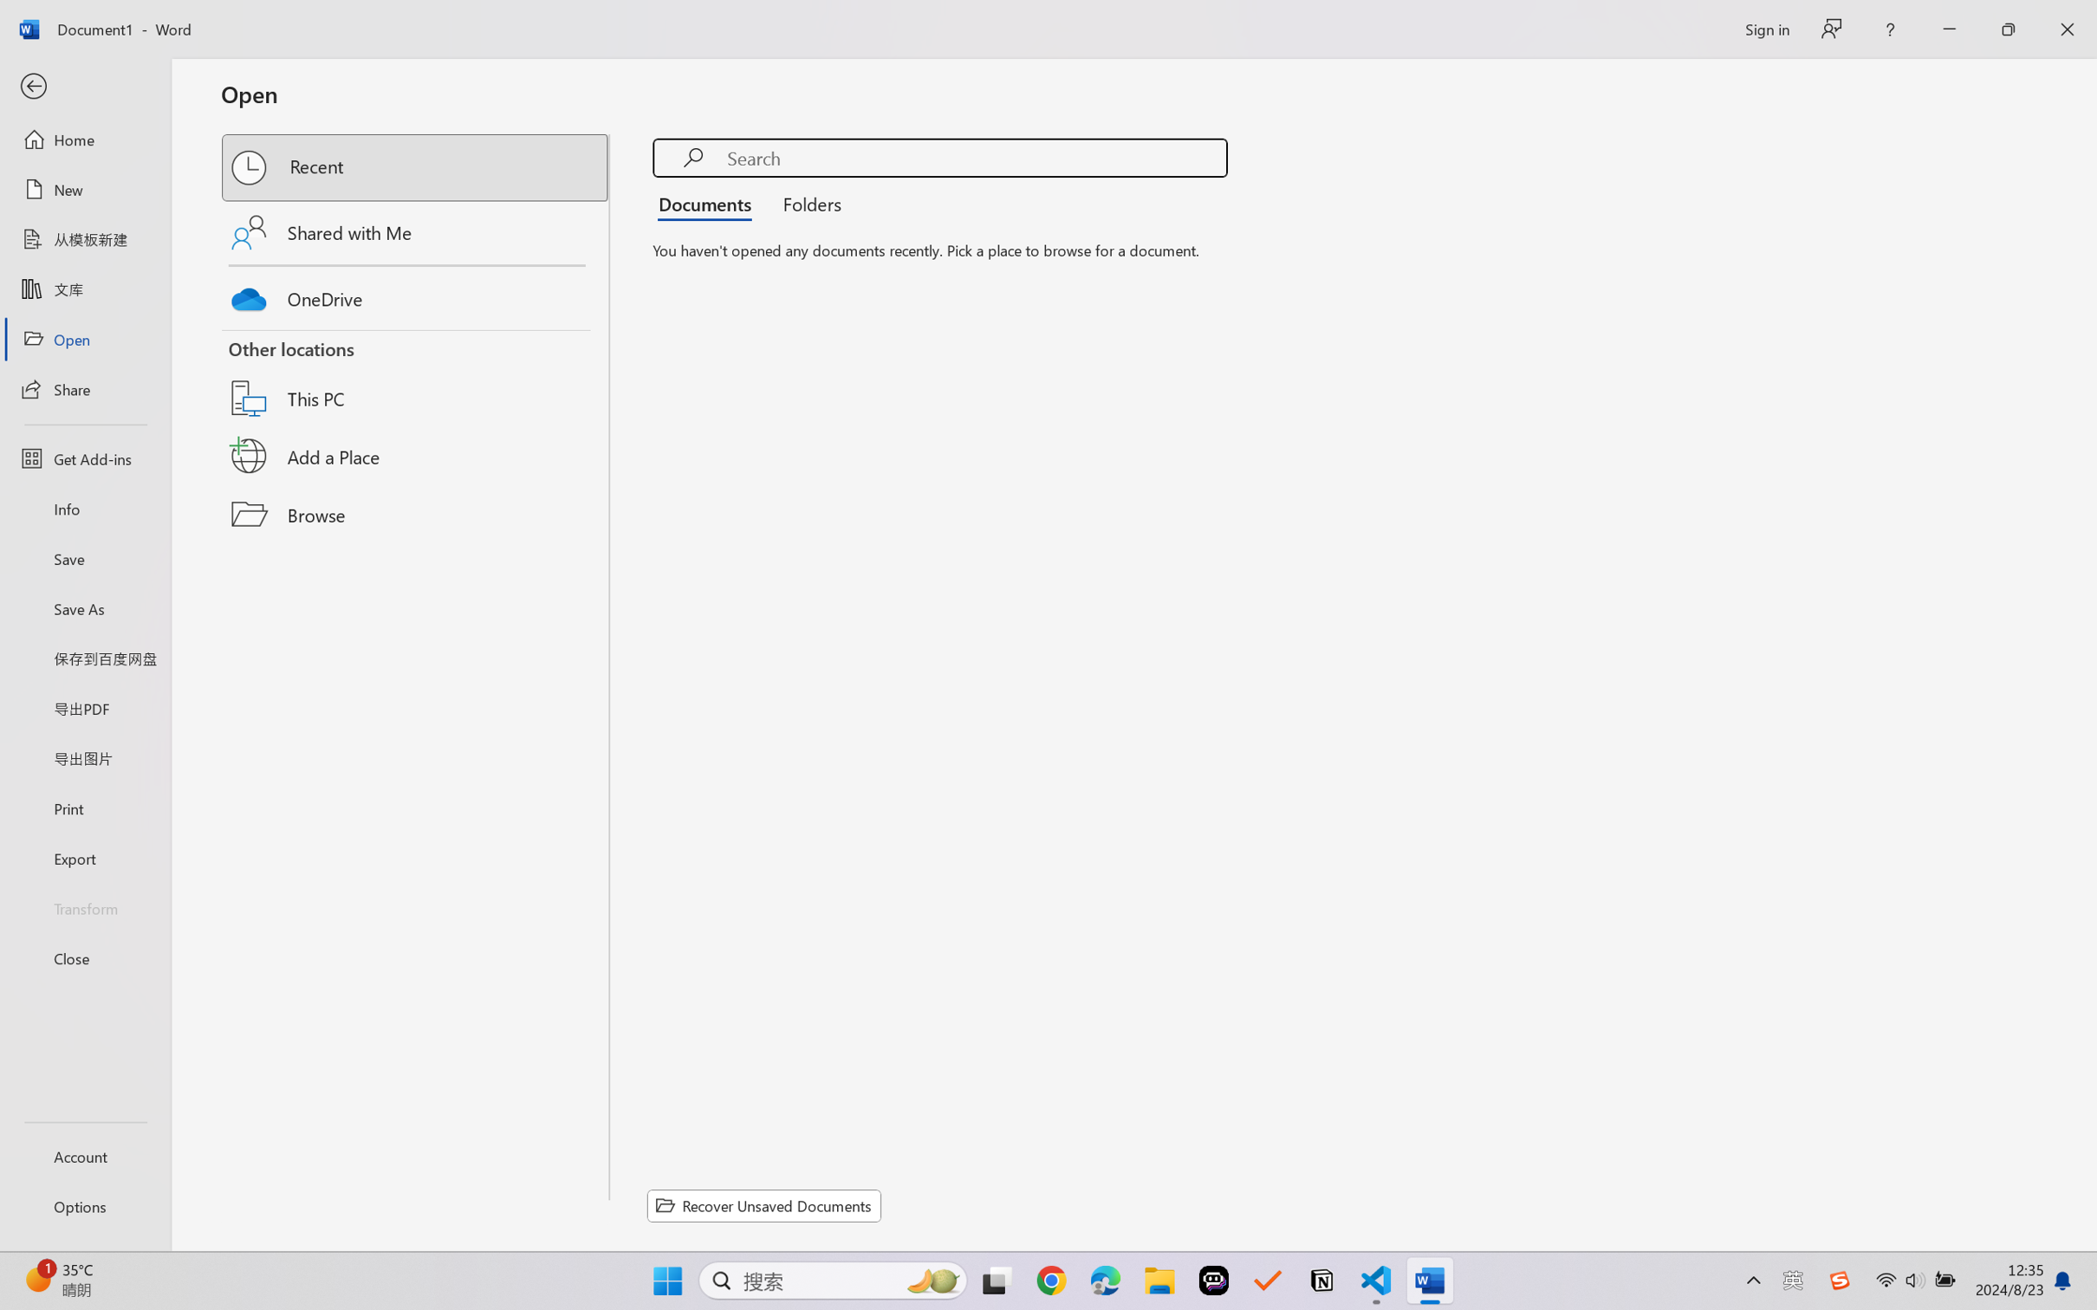  Describe the element at coordinates (416, 231) in the screenshot. I see `'Shared with Me'` at that location.